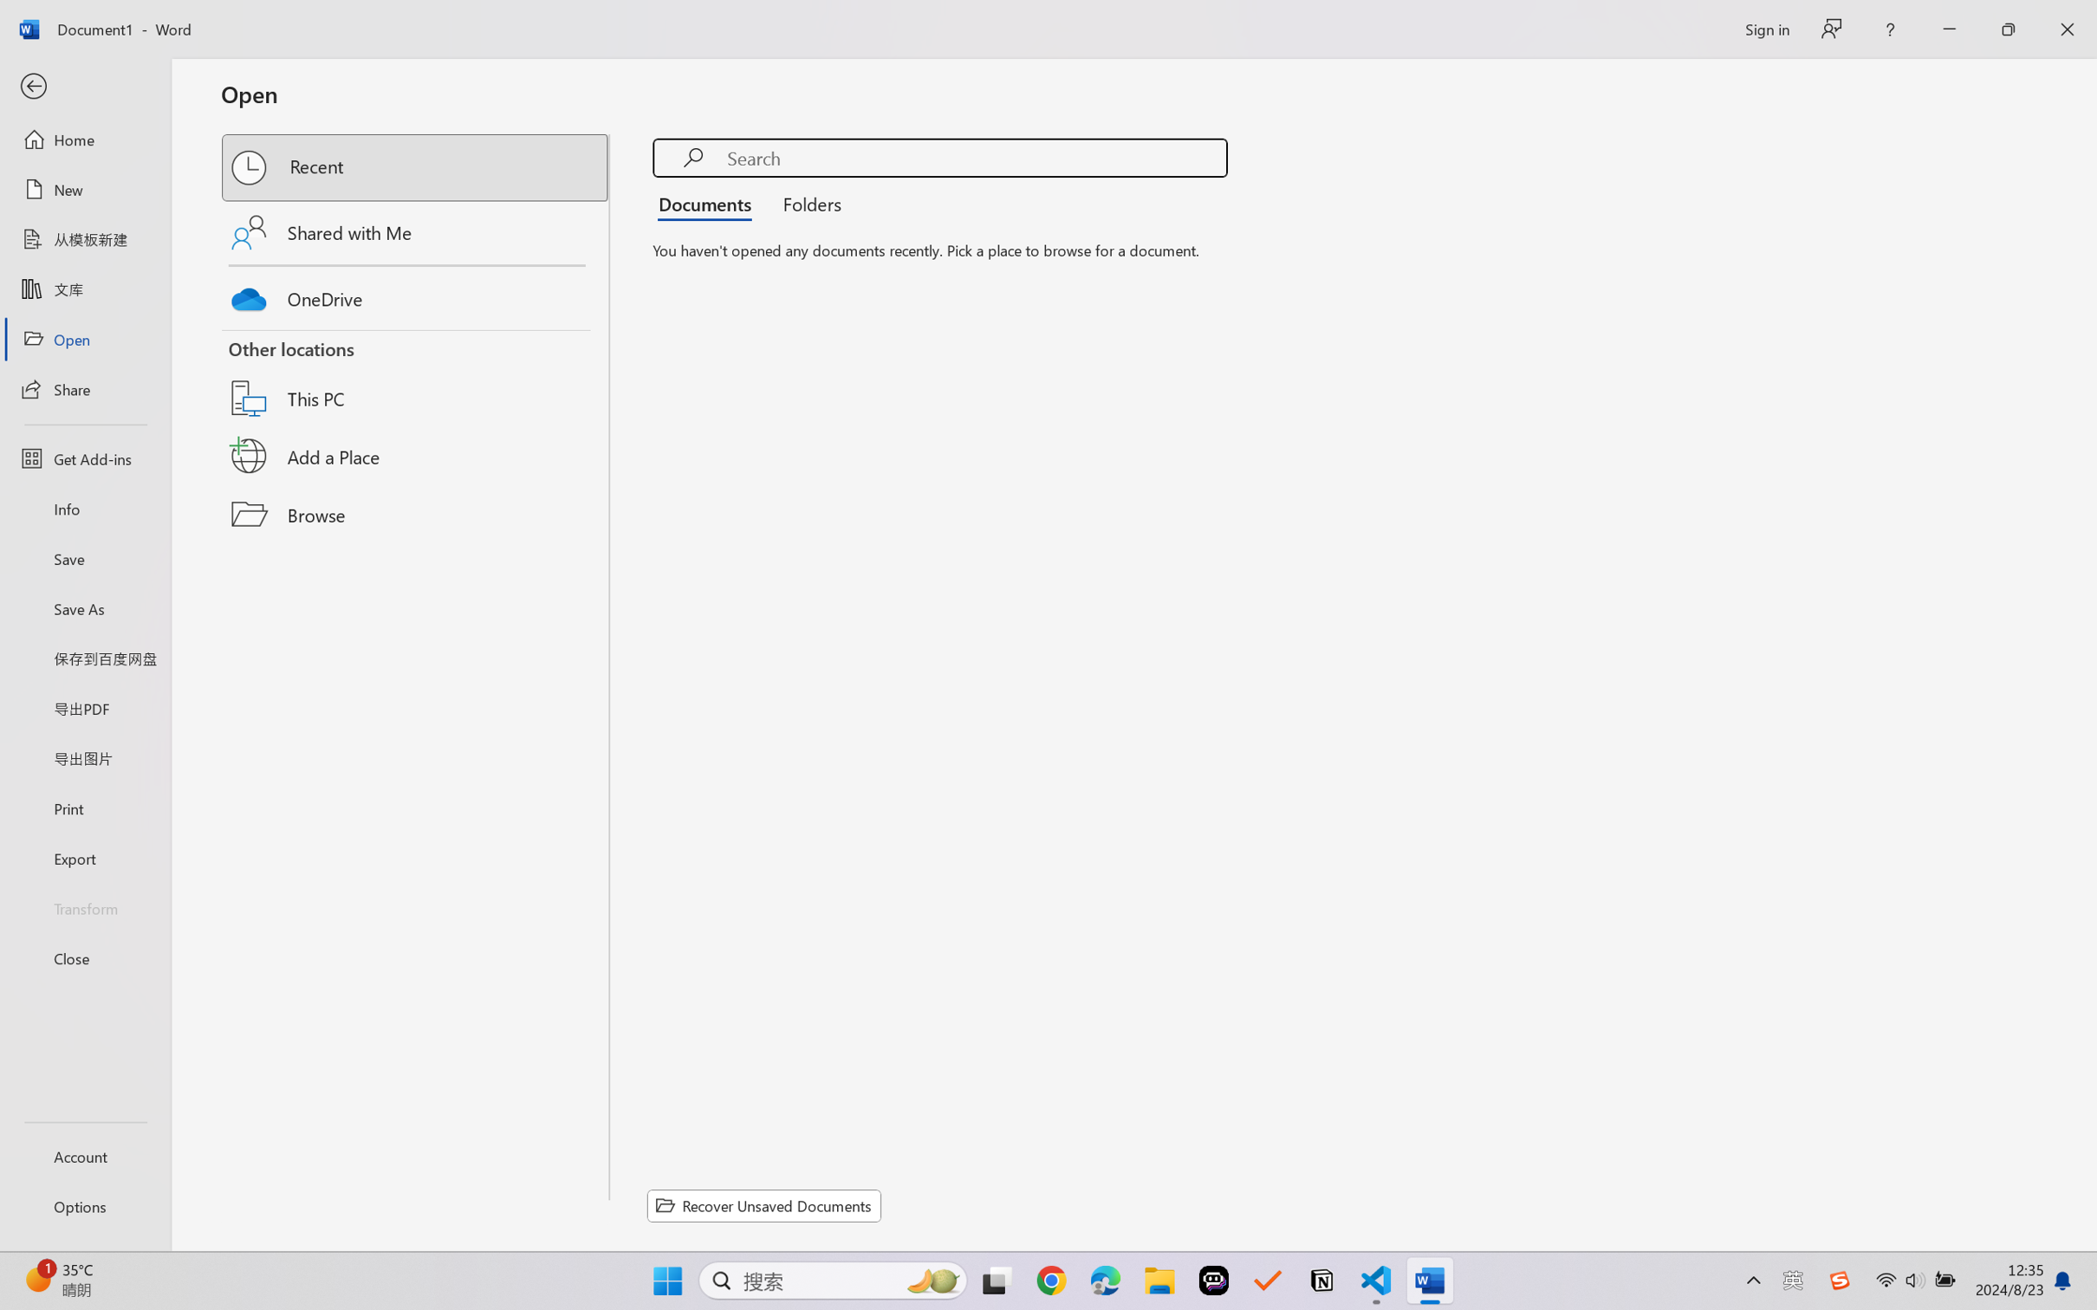  Describe the element at coordinates (416, 231) in the screenshot. I see `'Shared with Me'` at that location.